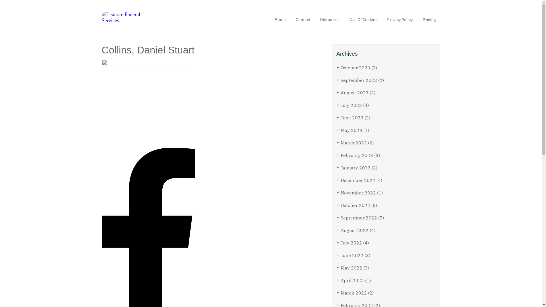  Describe the element at coordinates (353, 293) in the screenshot. I see `'March 2022'` at that location.